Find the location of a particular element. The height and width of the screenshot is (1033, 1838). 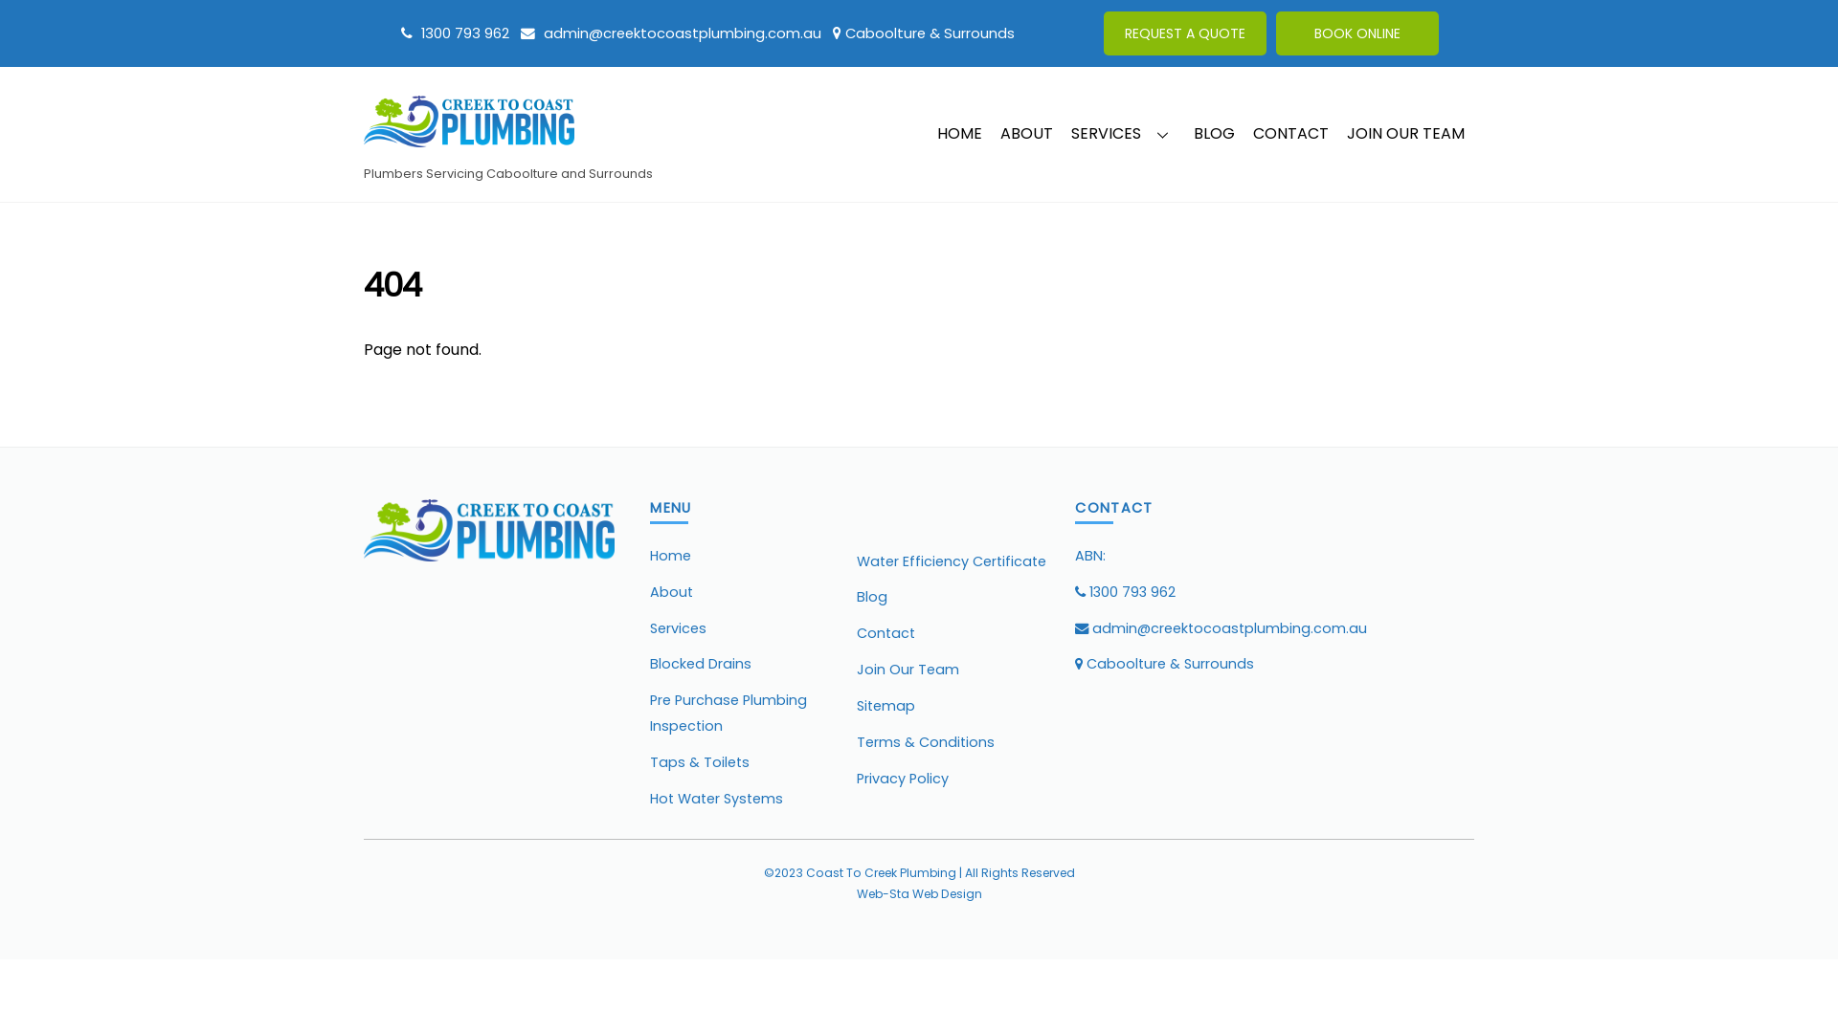

'CONTACT' is located at coordinates (1244, 134).